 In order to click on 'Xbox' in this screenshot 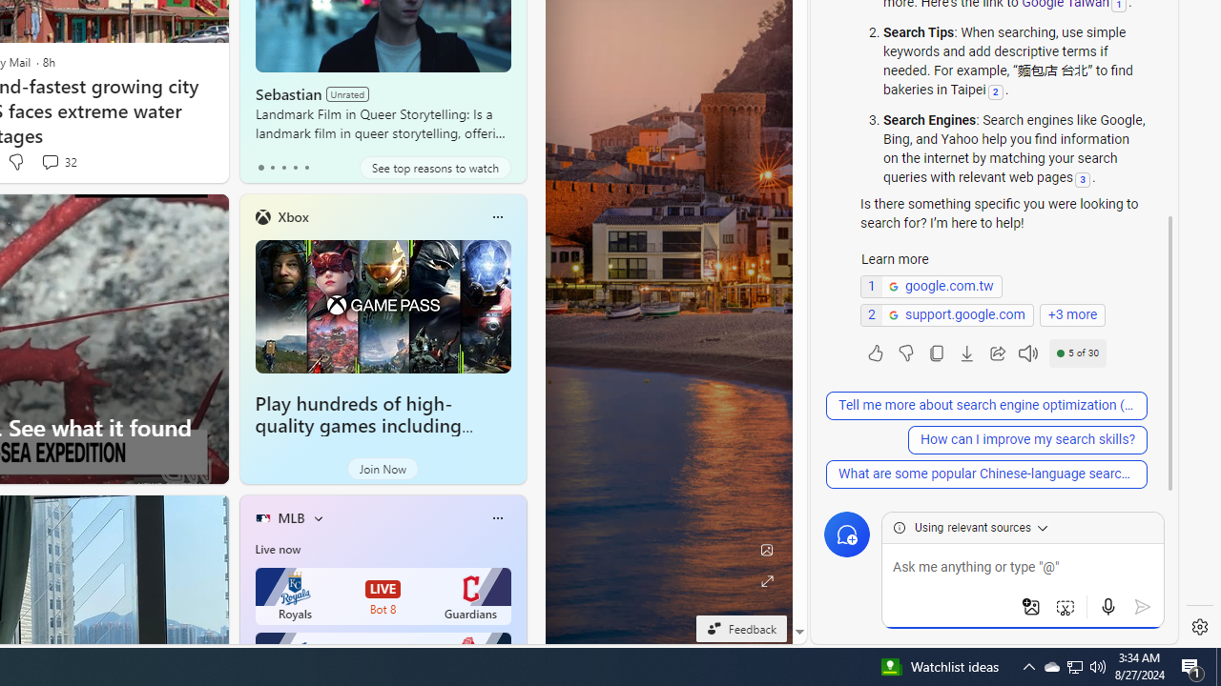, I will do `click(292, 215)`.